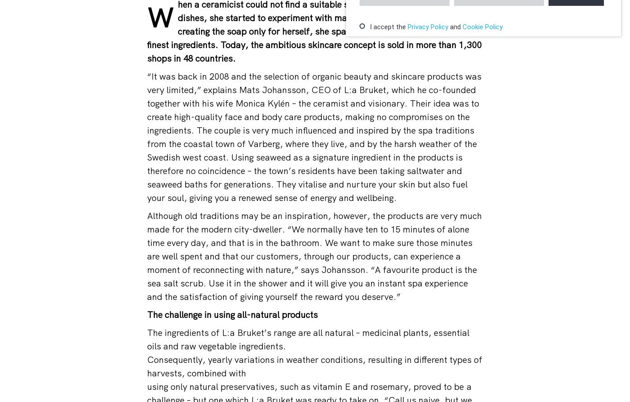 The image size is (630, 402). Describe the element at coordinates (314, 366) in the screenshot. I see `'Consequently, yearly variations in weather conditions, resulting in different types of harvests, combined with'` at that location.